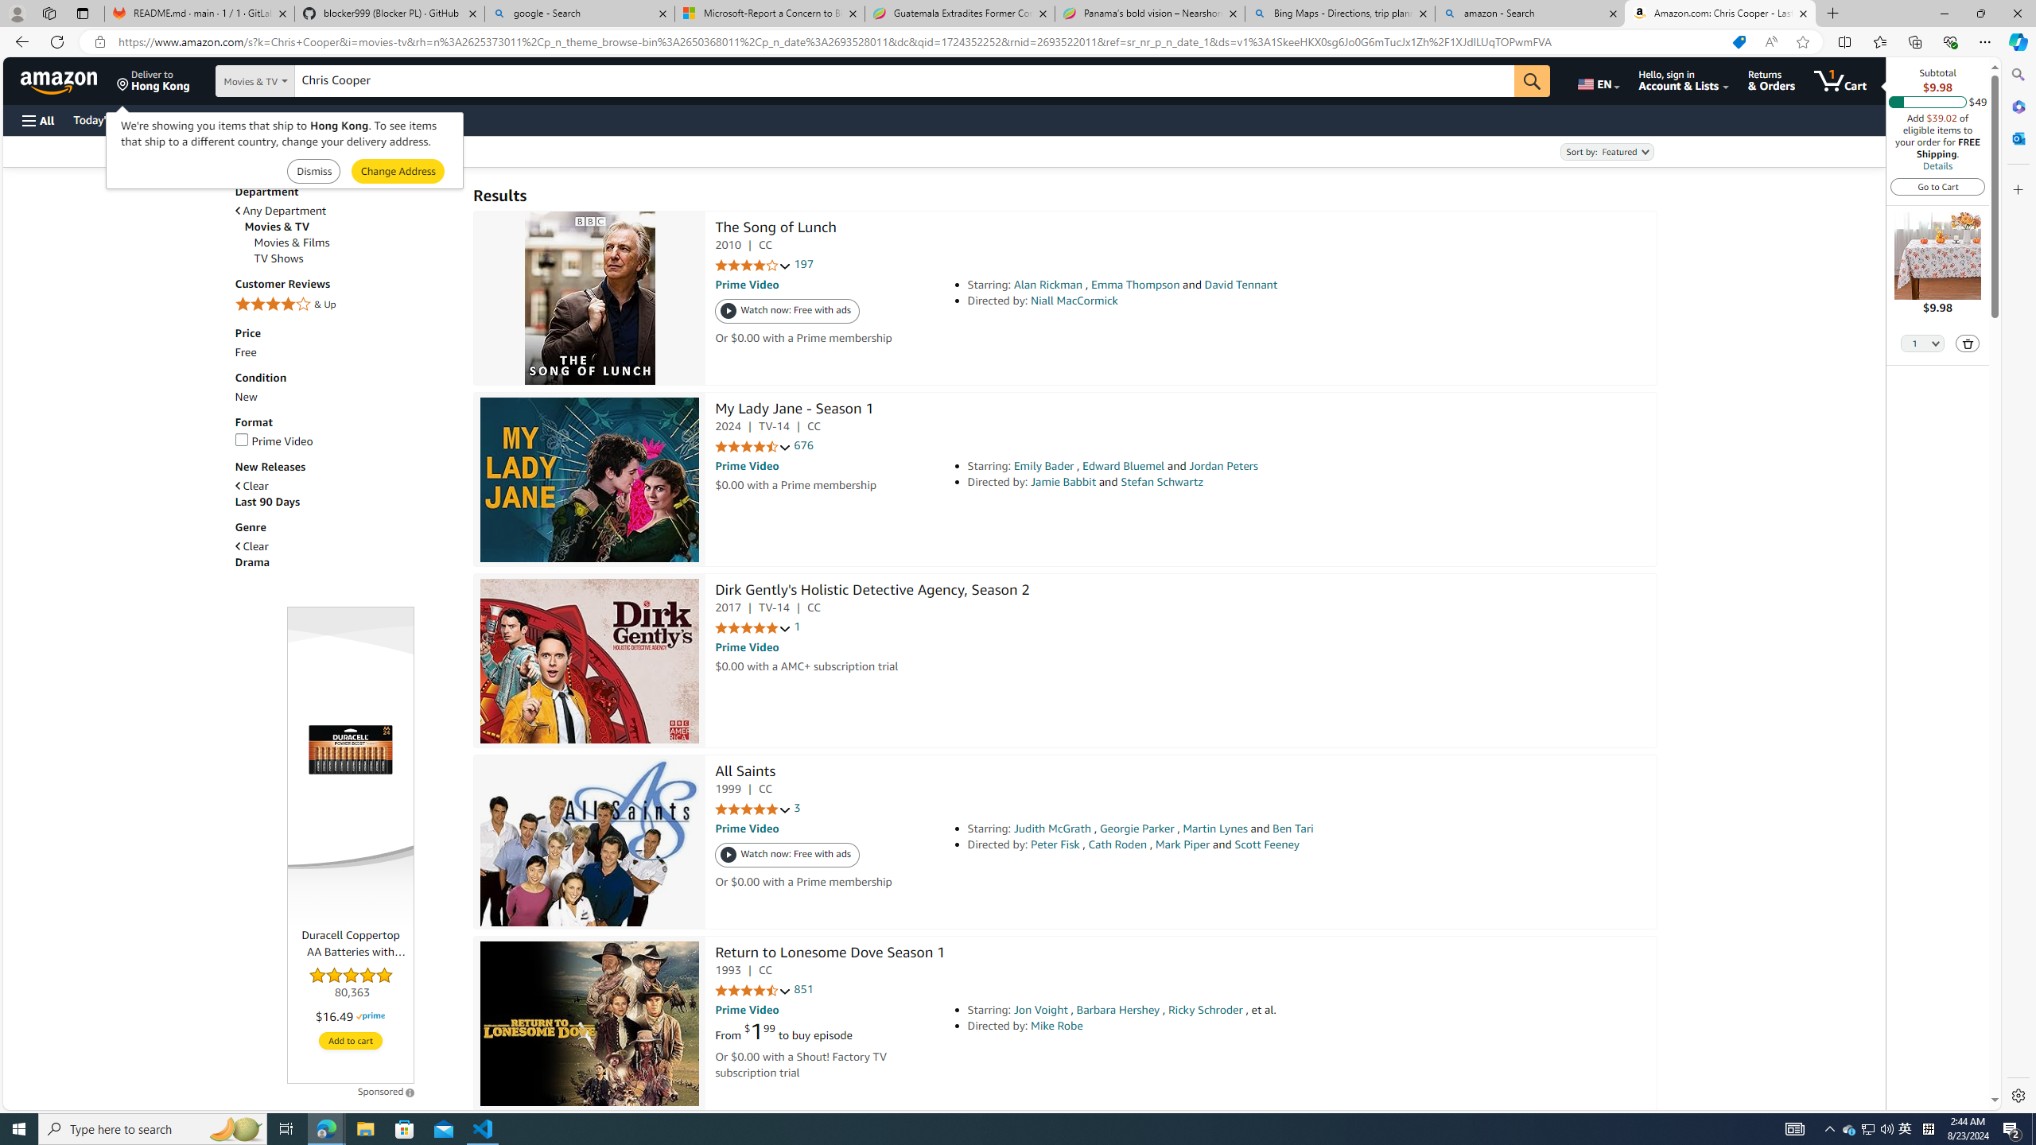 The height and width of the screenshot is (1145, 2036). Describe the element at coordinates (1118, 1009) in the screenshot. I see `'Barbara Hershey'` at that location.